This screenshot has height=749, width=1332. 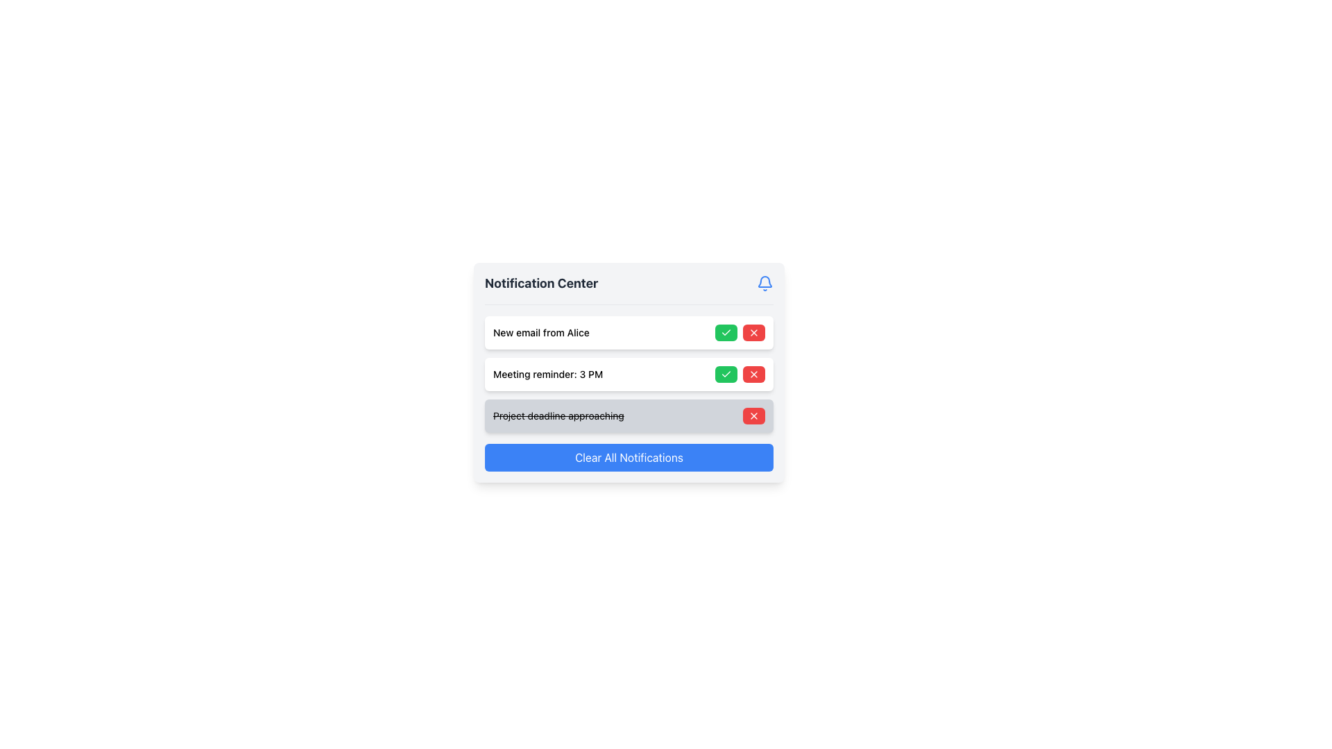 What do you see at coordinates (725, 374) in the screenshot?
I see `the confirmation icon located to the right of the 'Meeting reminder: 3 PM' notification, adjacent to the red 'X' button, to confirm the notification` at bounding box center [725, 374].